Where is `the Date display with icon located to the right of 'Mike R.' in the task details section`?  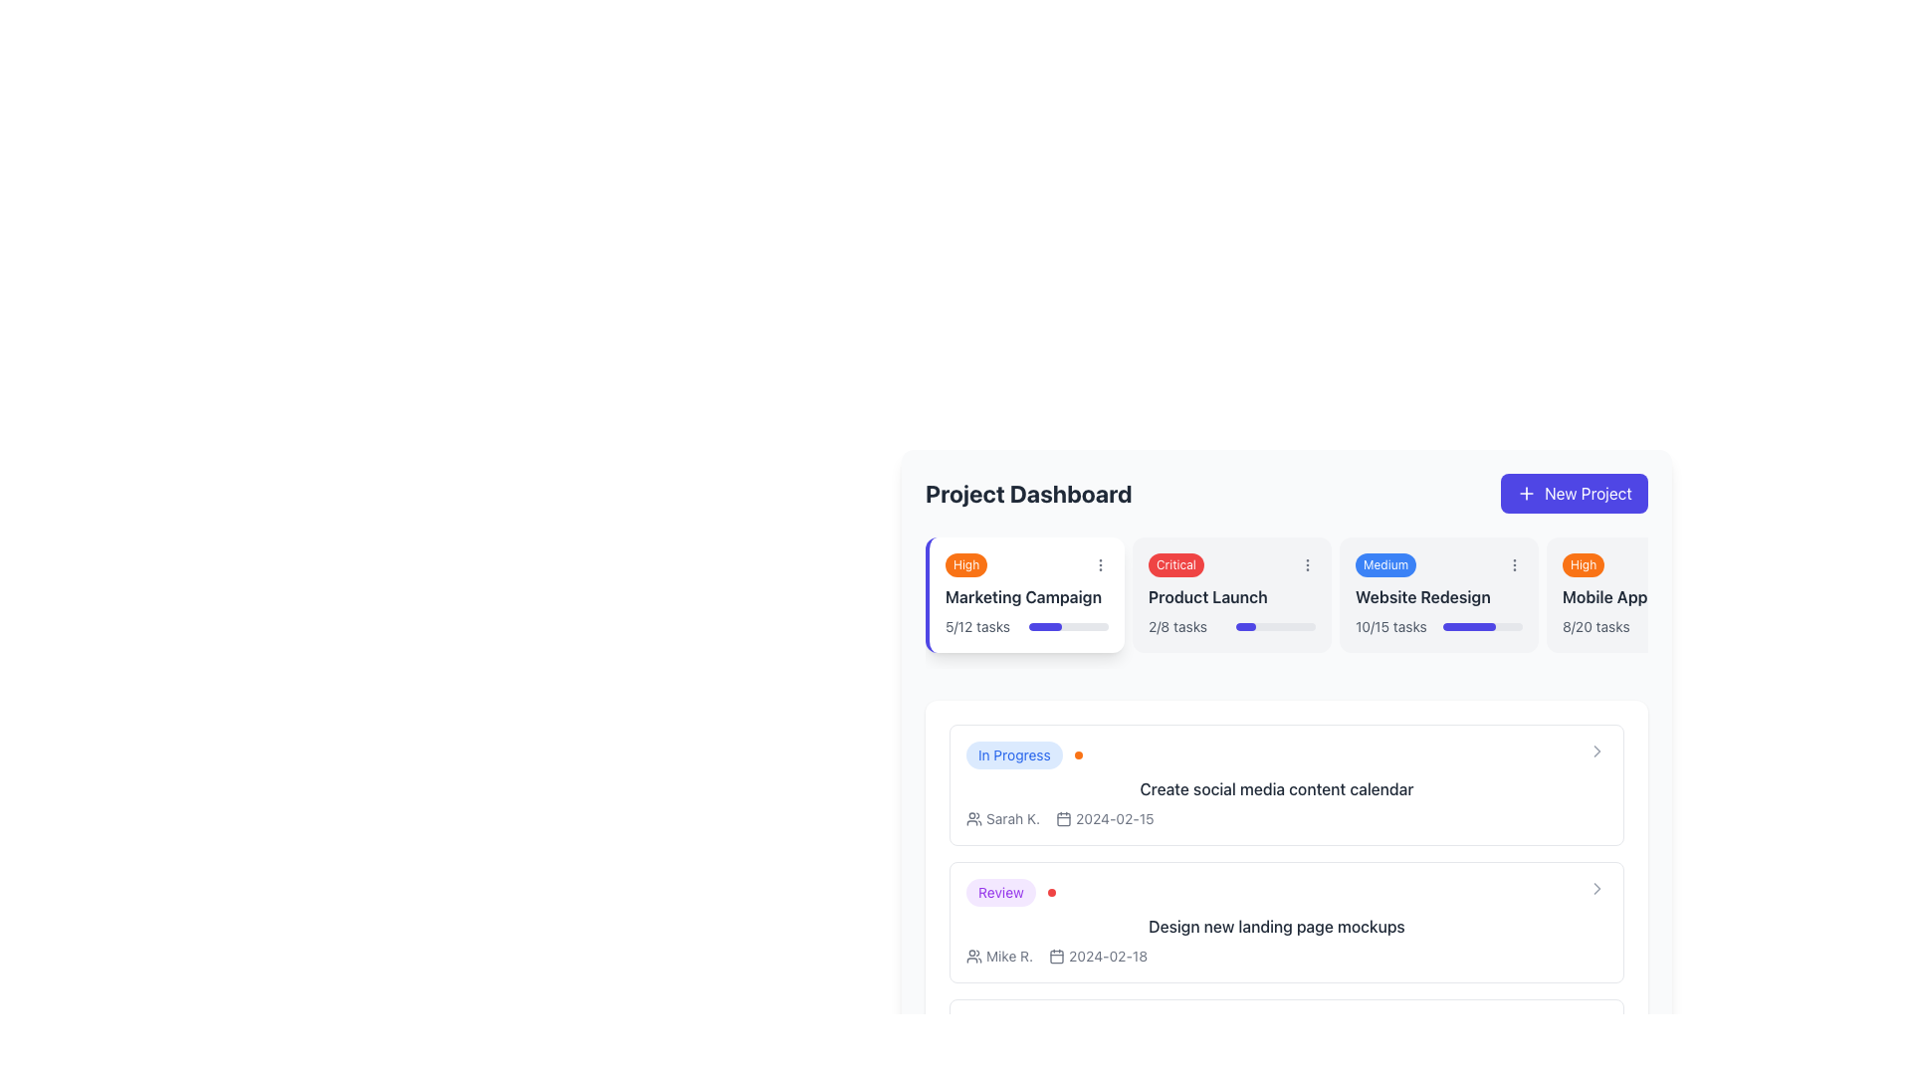
the Date display with icon located to the right of 'Mike R.' in the task details section is located at coordinates (1097, 955).